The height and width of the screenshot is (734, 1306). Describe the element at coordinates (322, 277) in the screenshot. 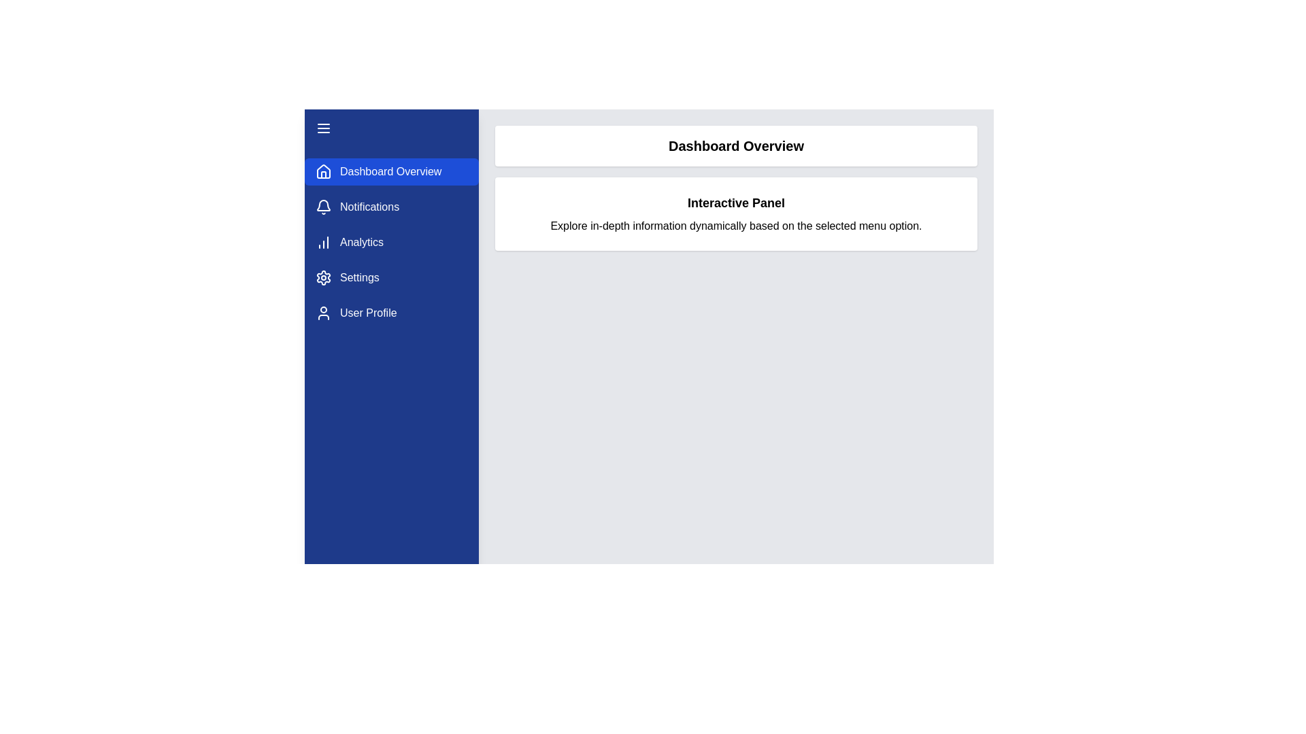

I see `the 'Settings' icon in the sidebar menu` at that location.